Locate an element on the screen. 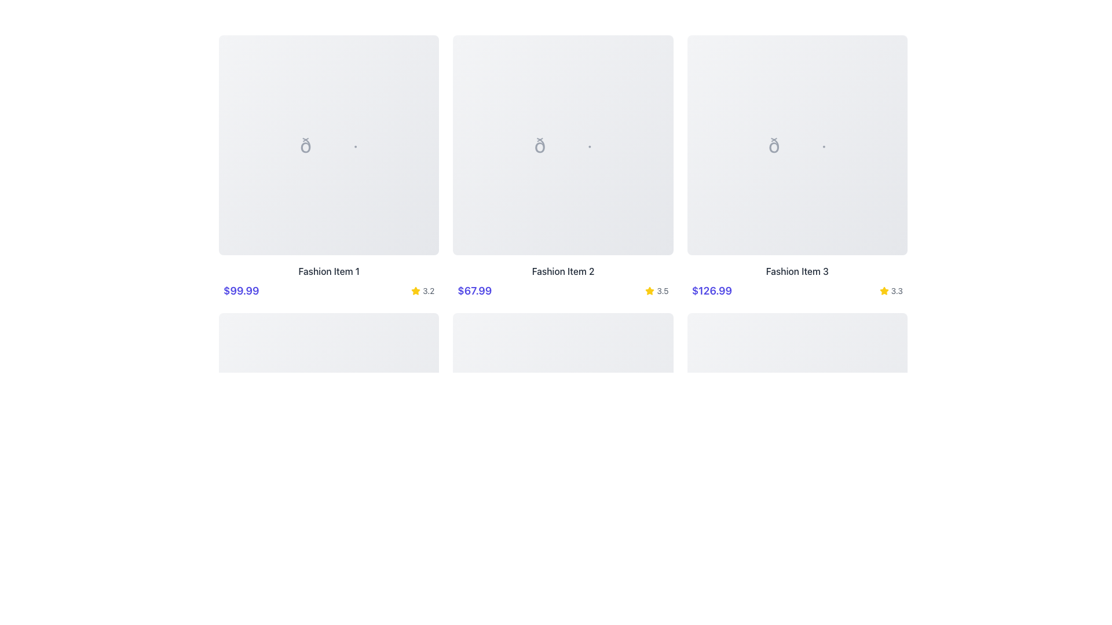  the text element that displays 'Fashion Item 1', which is centrally positioned under the corresponding image and above the price and rating elements is located at coordinates (328, 271).